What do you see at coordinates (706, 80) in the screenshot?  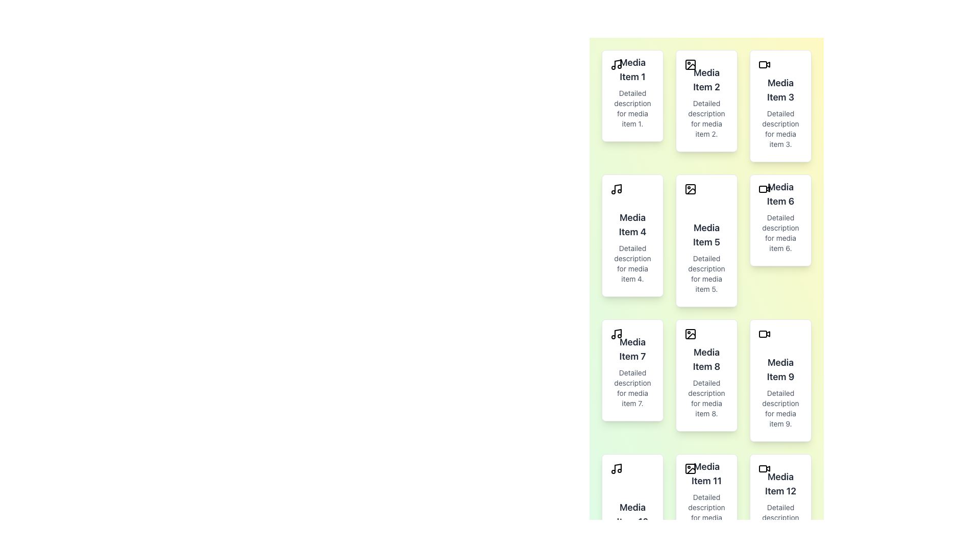 I see `the text label 'Media Item 2' which is styled in bold, large dark gray font, located at the top of the second card in the grid layout` at bounding box center [706, 80].